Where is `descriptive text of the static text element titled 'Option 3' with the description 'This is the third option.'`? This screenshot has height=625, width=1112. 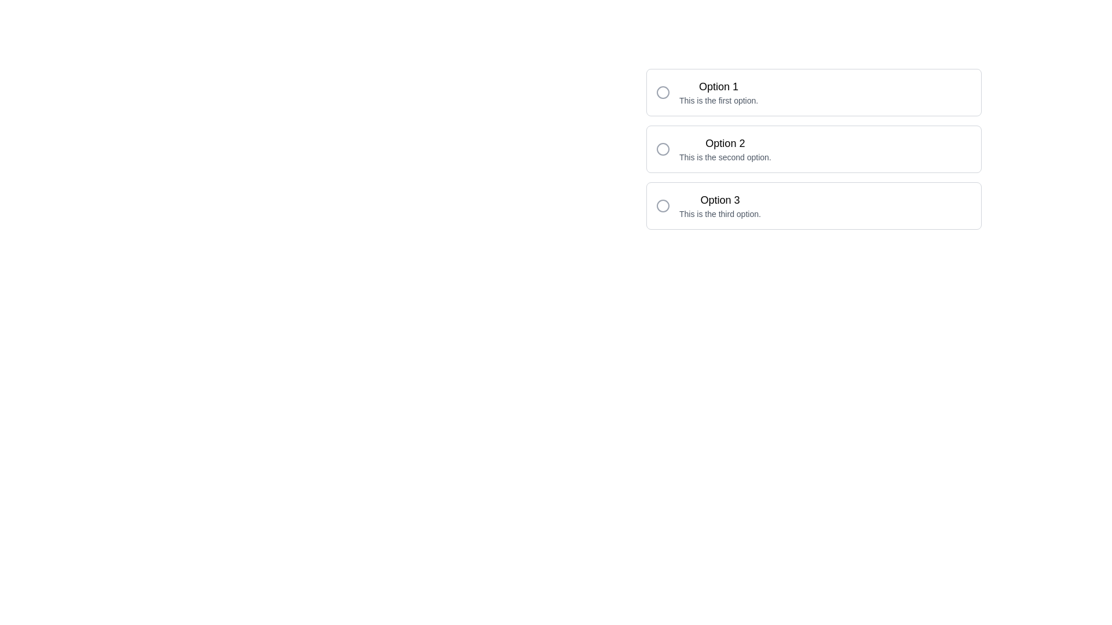 descriptive text of the static text element titled 'Option 3' with the description 'This is the third option.' is located at coordinates (719, 205).